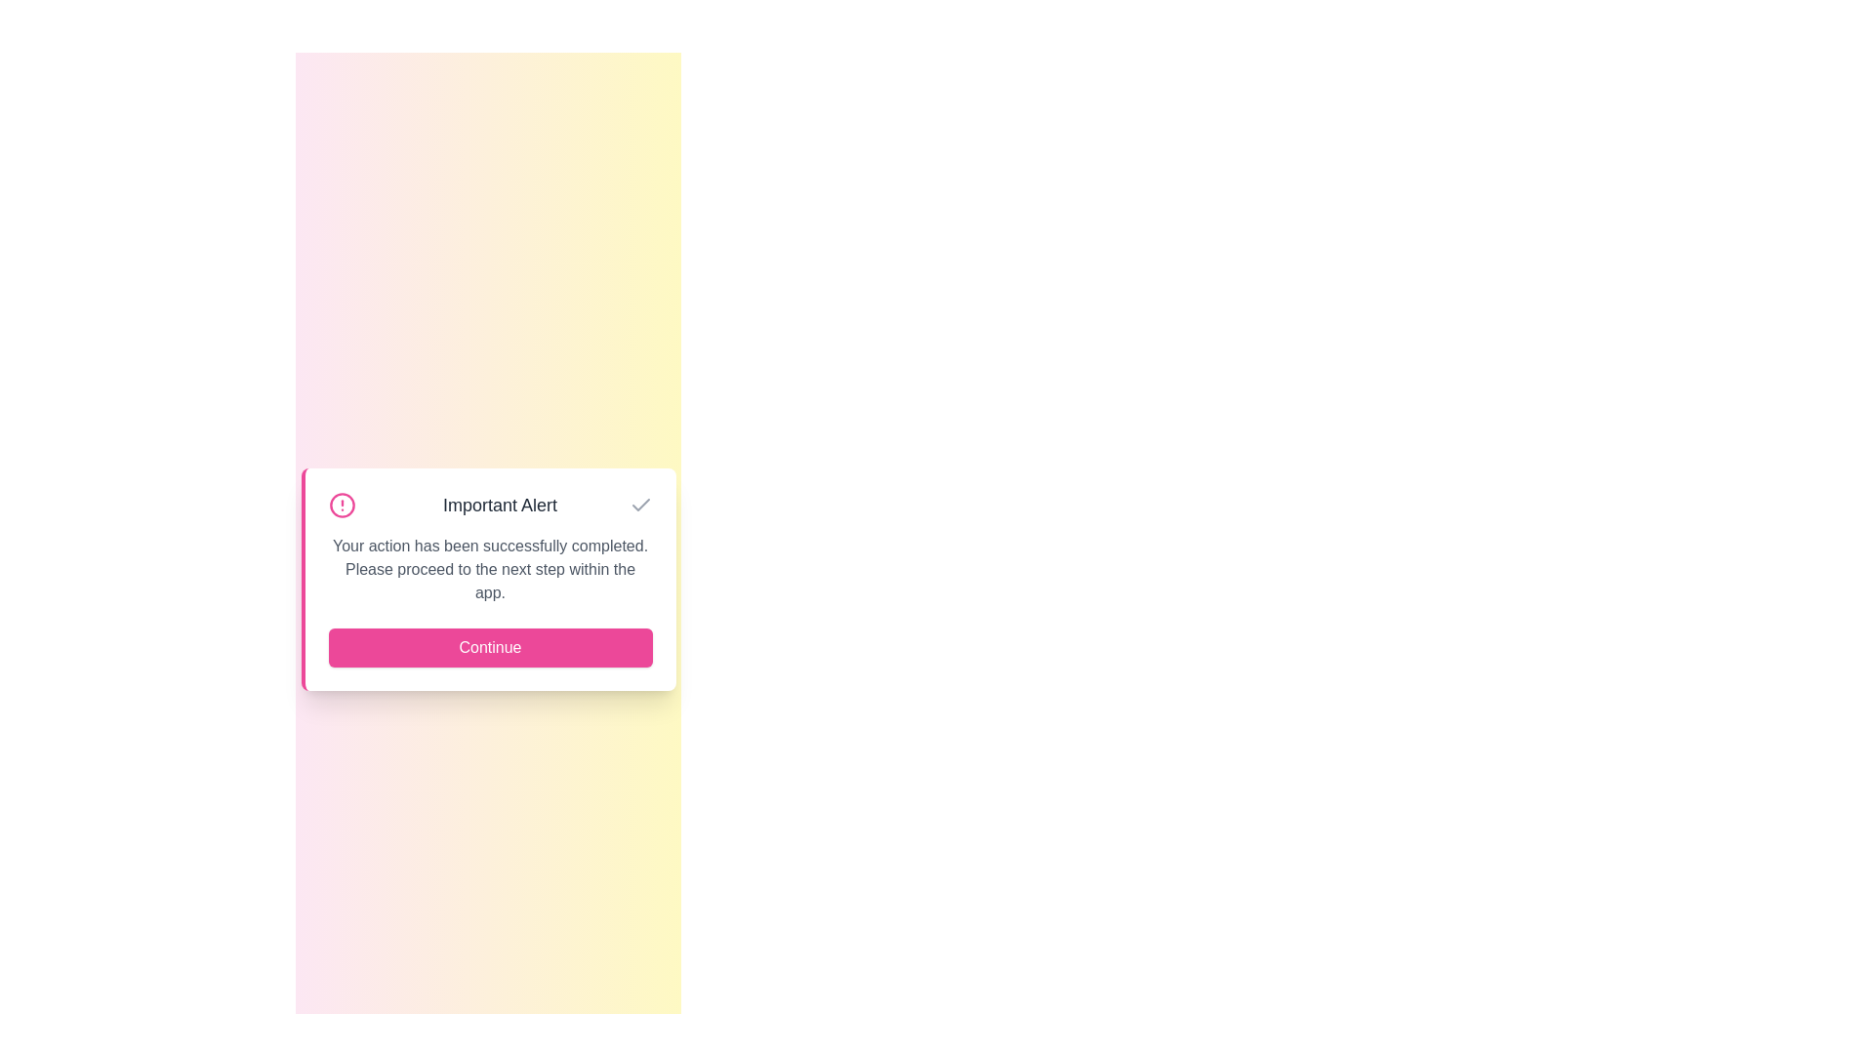 The height and width of the screenshot is (1054, 1874). Describe the element at coordinates (490, 647) in the screenshot. I see `'Continue' button to proceed` at that location.